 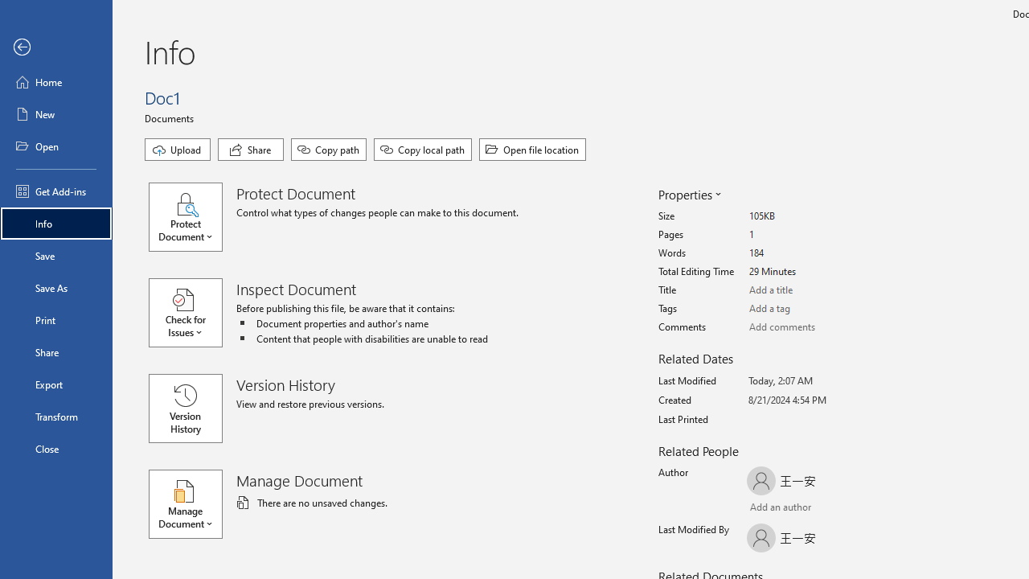 What do you see at coordinates (688, 193) in the screenshot?
I see `'Properties'` at bounding box center [688, 193].